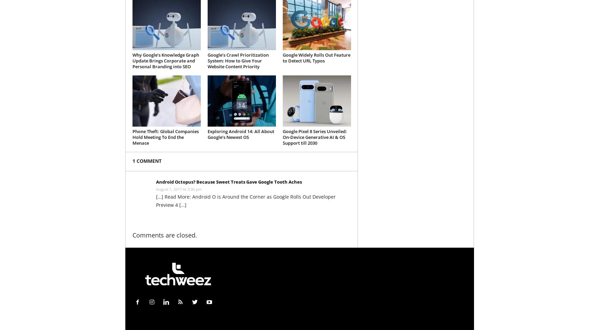 The width and height of the screenshot is (599, 330). Describe the element at coordinates (165, 137) in the screenshot. I see `'Phone Theft: Global Companies Hold Meeting To End the Menace'` at that location.